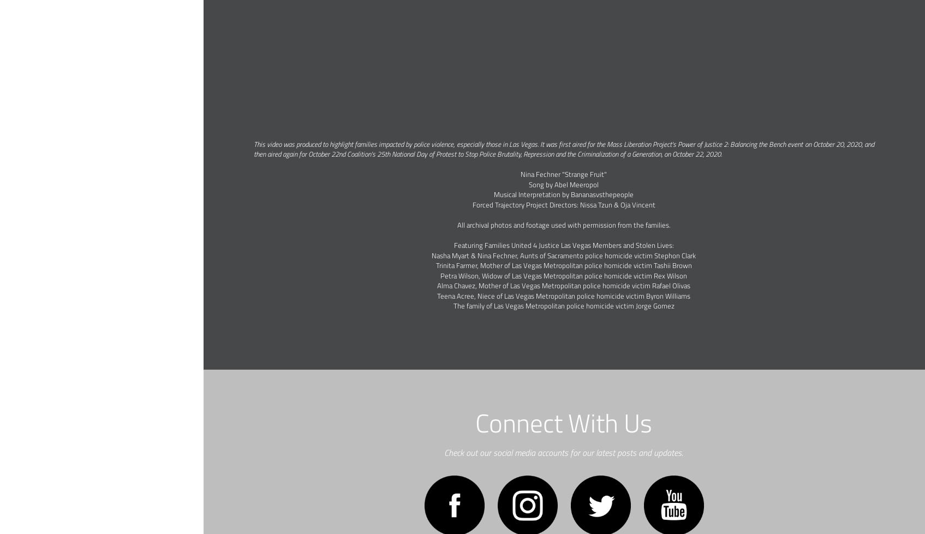 The height and width of the screenshot is (534, 925). I want to click on 'Nasha Myart & Nina Fechner, Aunts of Sacramento police homicide victim Stephon Clark', so click(563, 254).